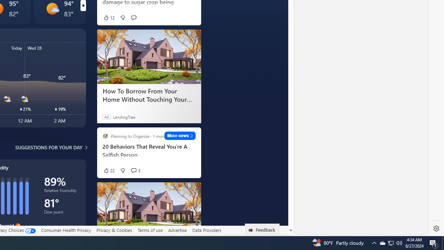 The width and height of the screenshot is (444, 250). I want to click on 'Advertise', so click(177, 230).